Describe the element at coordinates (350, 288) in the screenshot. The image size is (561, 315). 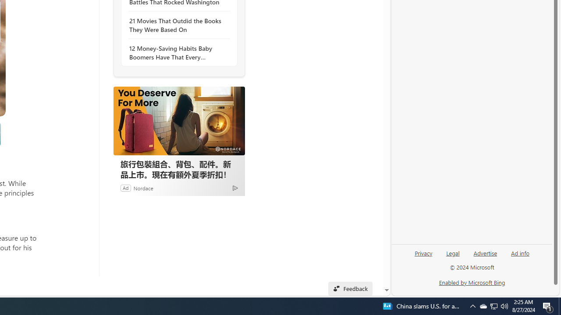
I see `'Feedback'` at that location.